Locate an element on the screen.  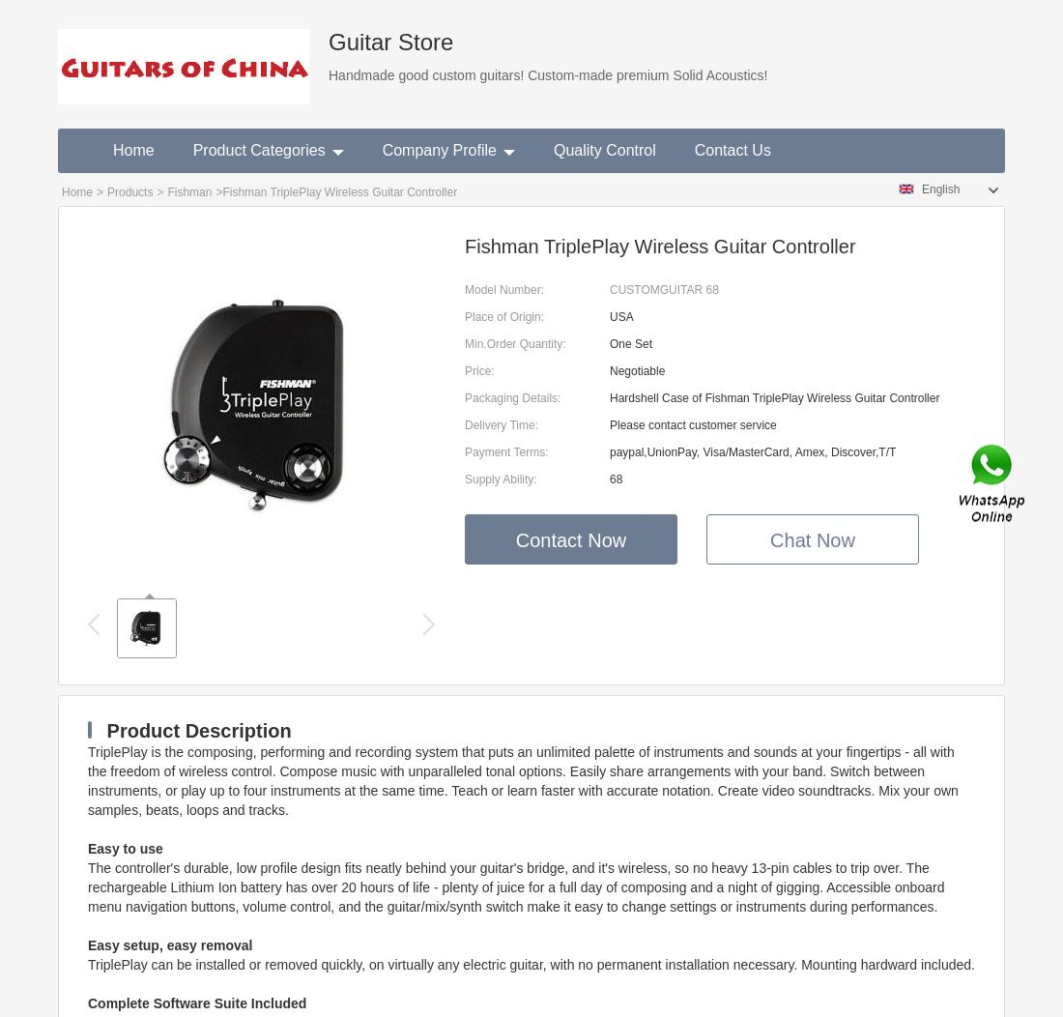
'Fishman' is located at coordinates (166, 192).